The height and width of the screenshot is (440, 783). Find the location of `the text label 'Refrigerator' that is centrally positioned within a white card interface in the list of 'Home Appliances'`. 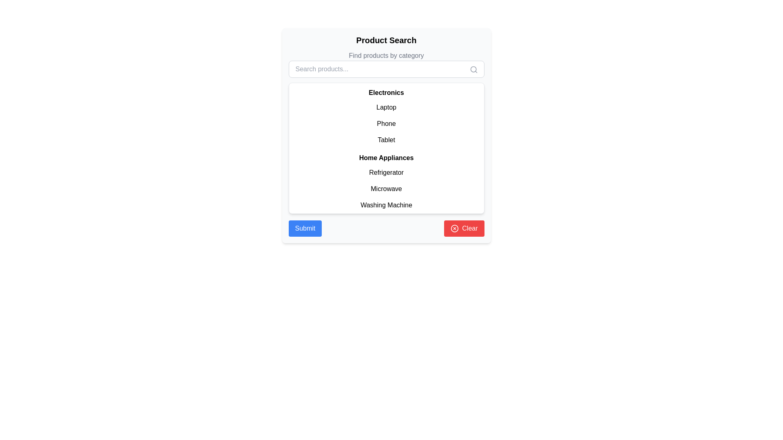

the text label 'Refrigerator' that is centrally positioned within a white card interface in the list of 'Home Appliances' is located at coordinates (386, 172).